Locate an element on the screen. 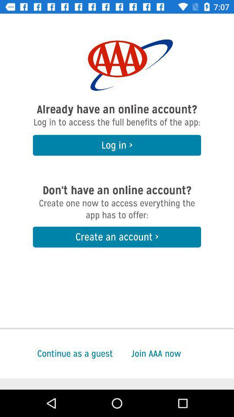 The image size is (234, 417). item next to the continue as a is located at coordinates (182, 354).